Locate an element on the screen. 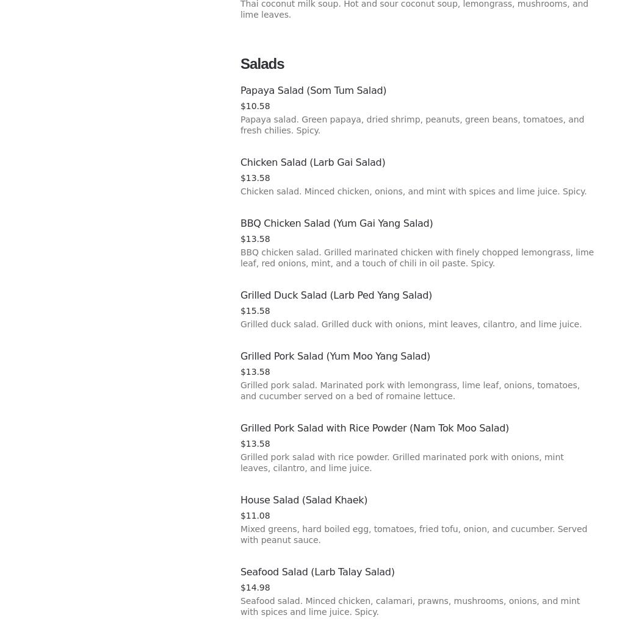 The height and width of the screenshot is (632, 625). 'Papaya salad. Green papaya, dried shrimp, peanuts, green beans, tomatoes, and fresh chilies. Spicy.' is located at coordinates (411, 124).